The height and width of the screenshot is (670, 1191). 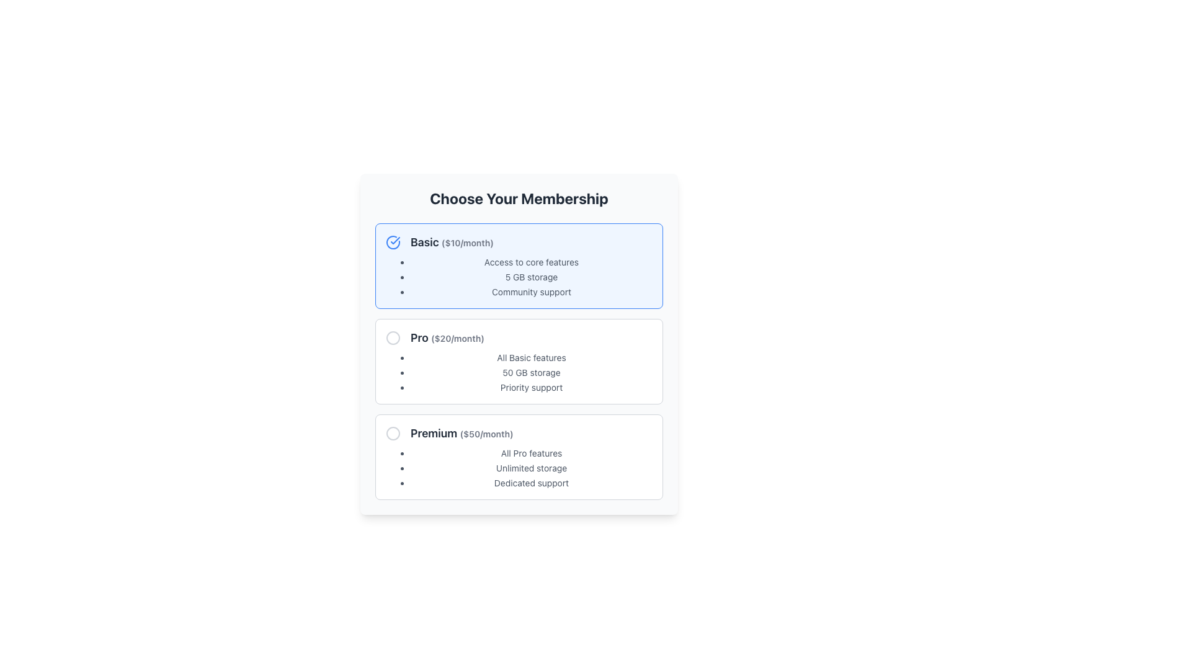 I want to click on text label that informs users about the features included in the 'Premium ($50/month)' subscription tier, located at the bottom of the membership choices interface as the third item in the bullet list, so click(x=532, y=483).